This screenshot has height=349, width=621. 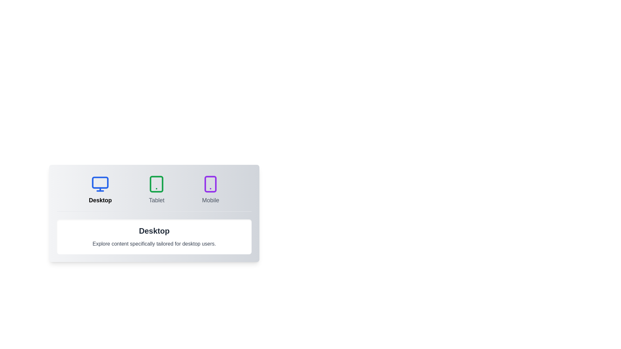 What do you see at coordinates (211, 189) in the screenshot?
I see `the Mobile tab by clicking on the corresponding button` at bounding box center [211, 189].